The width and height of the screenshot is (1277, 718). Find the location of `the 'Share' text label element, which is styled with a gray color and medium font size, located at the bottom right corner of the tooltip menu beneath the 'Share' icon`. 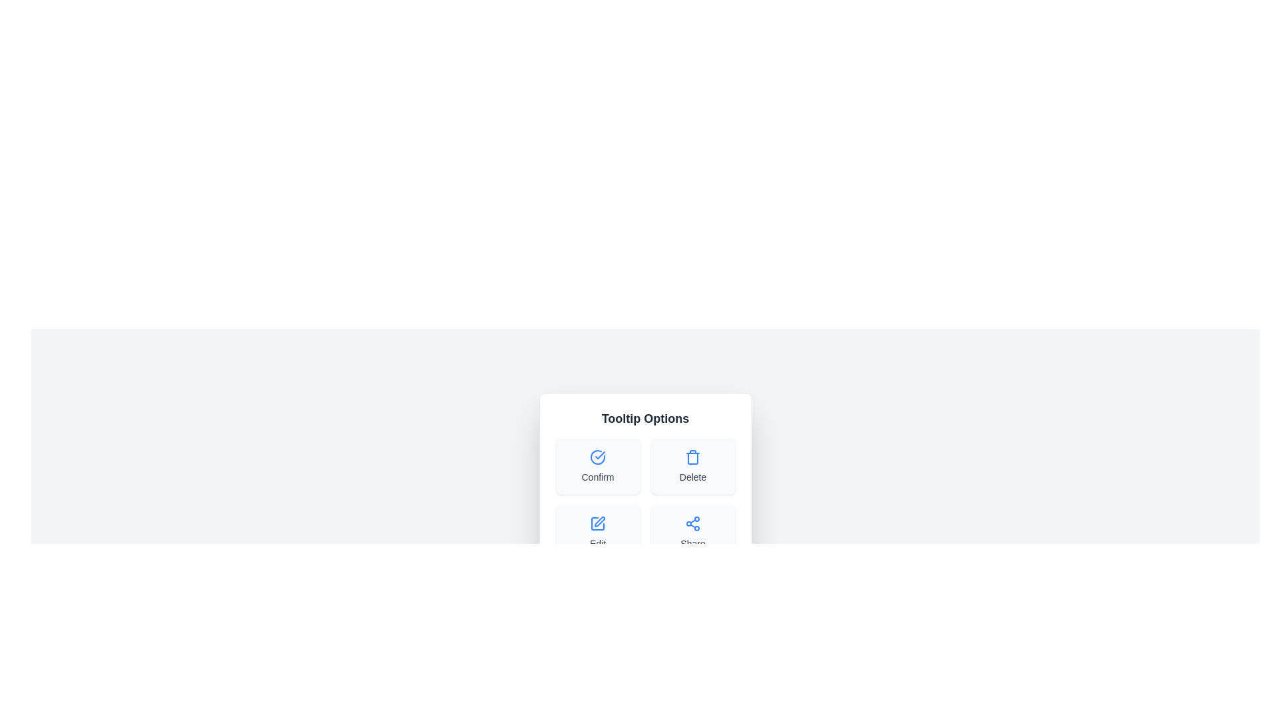

the 'Share' text label element, which is styled with a gray color and medium font size, located at the bottom right corner of the tooltip menu beneath the 'Share' icon is located at coordinates (692, 543).